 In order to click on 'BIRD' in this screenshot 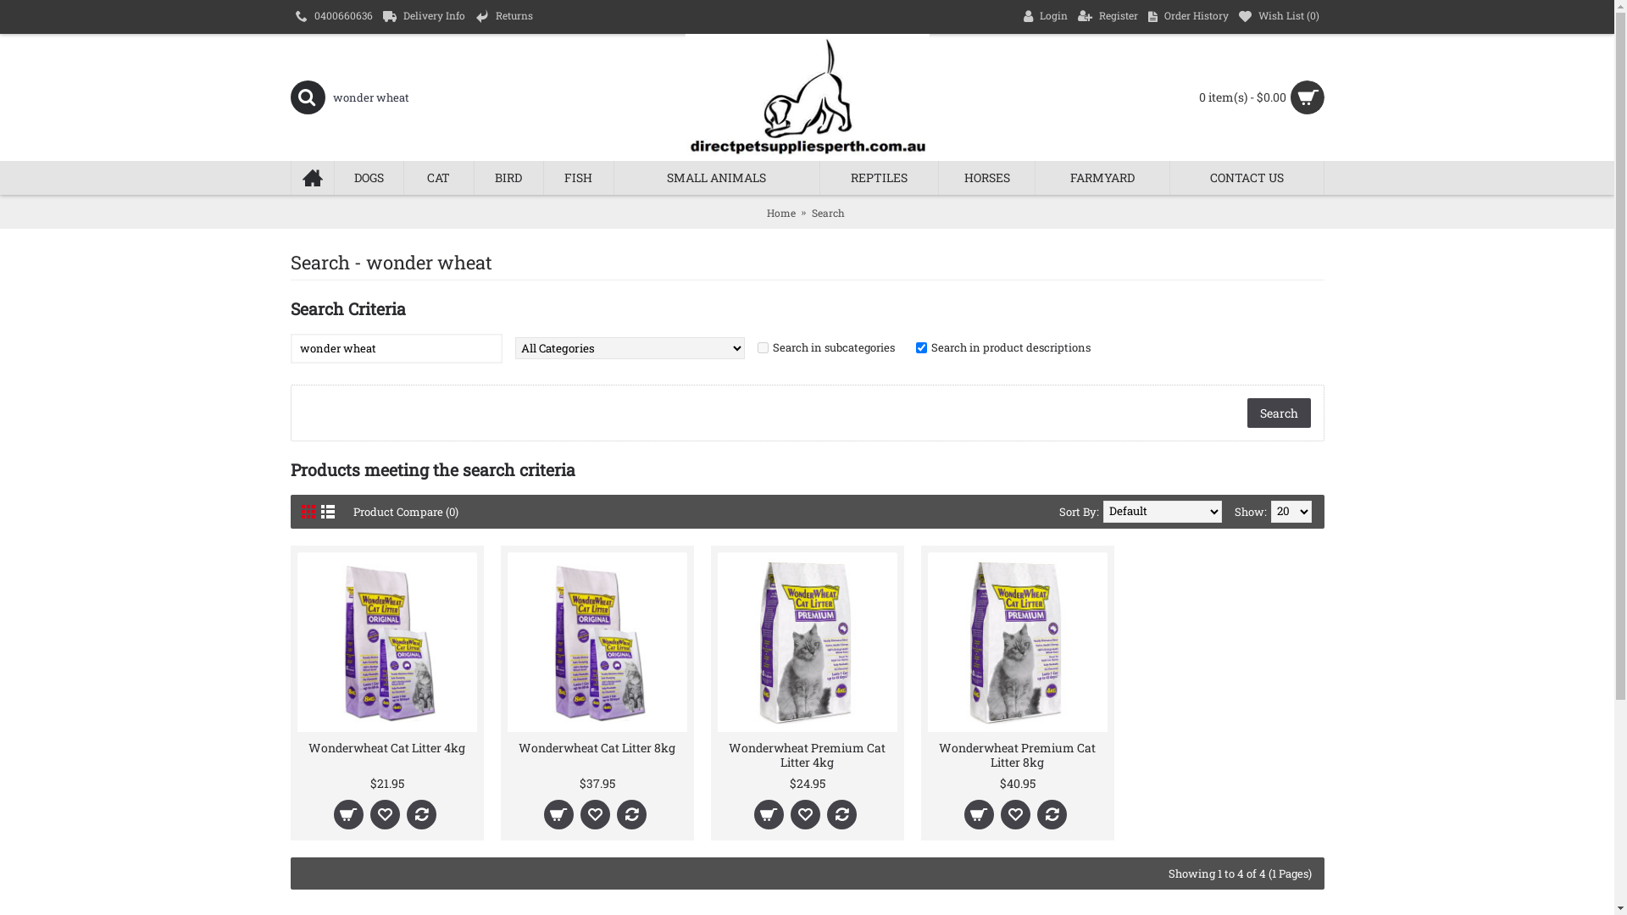, I will do `click(508, 177)`.